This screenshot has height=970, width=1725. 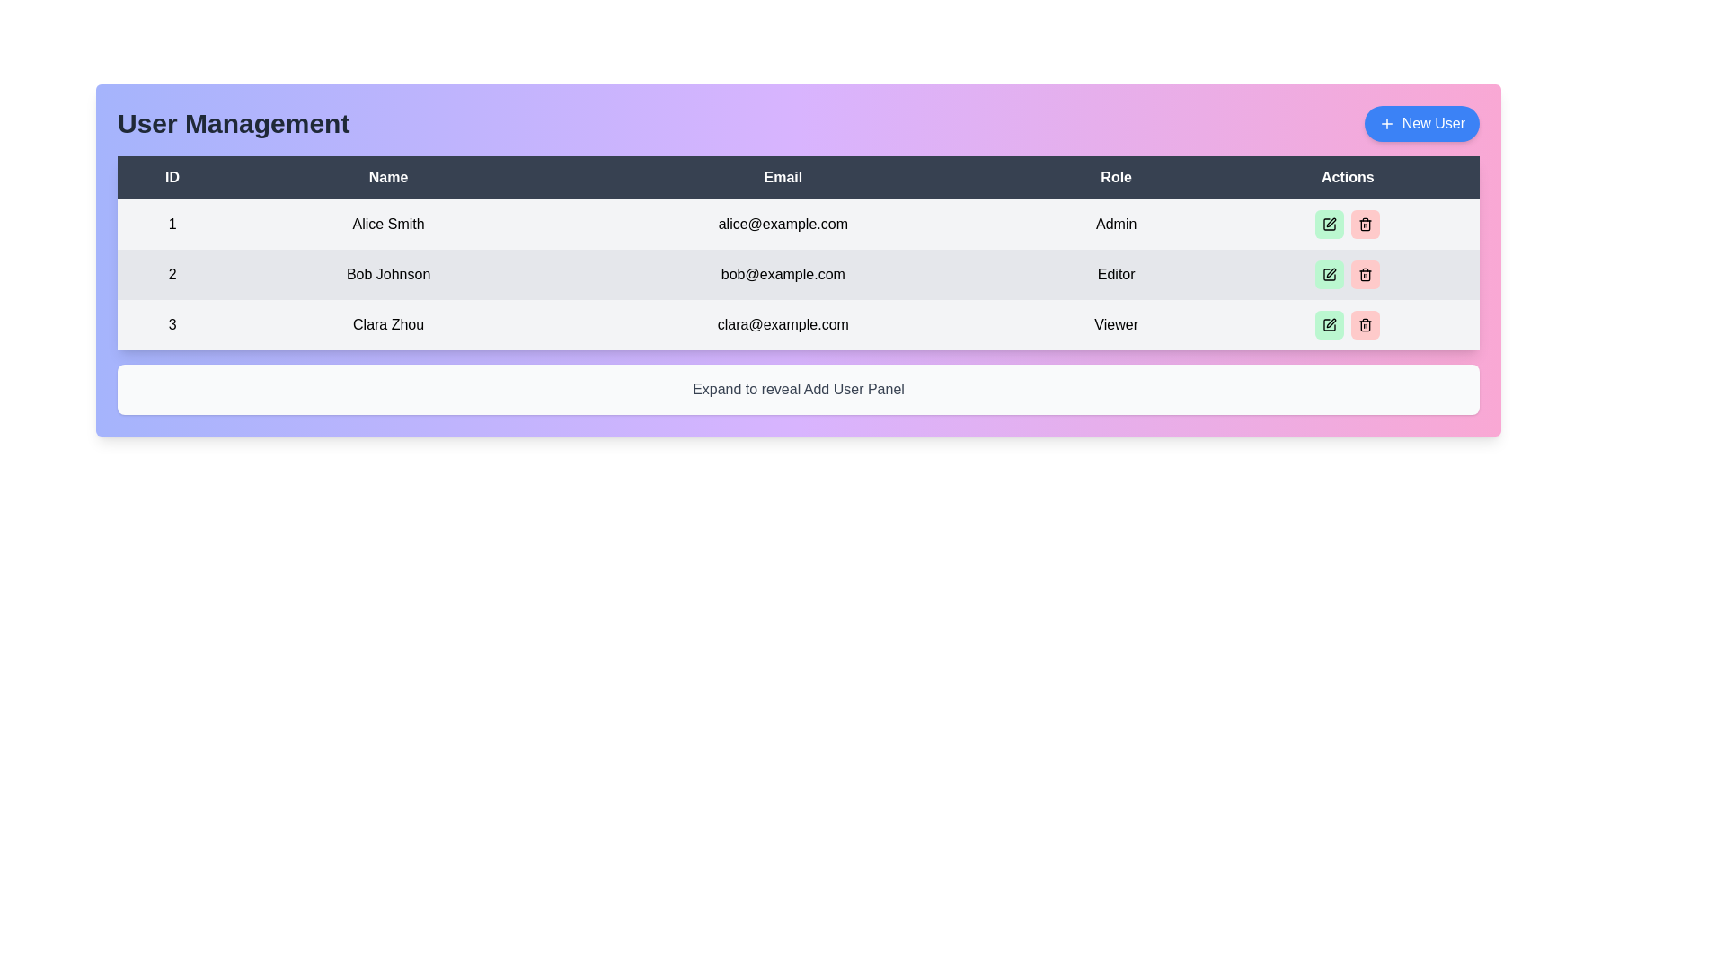 What do you see at coordinates (1330, 325) in the screenshot?
I see `the square icon featuring a pen inside, located within the light green rounded rectangular button in the last row of the table under the 'Actions' column` at bounding box center [1330, 325].